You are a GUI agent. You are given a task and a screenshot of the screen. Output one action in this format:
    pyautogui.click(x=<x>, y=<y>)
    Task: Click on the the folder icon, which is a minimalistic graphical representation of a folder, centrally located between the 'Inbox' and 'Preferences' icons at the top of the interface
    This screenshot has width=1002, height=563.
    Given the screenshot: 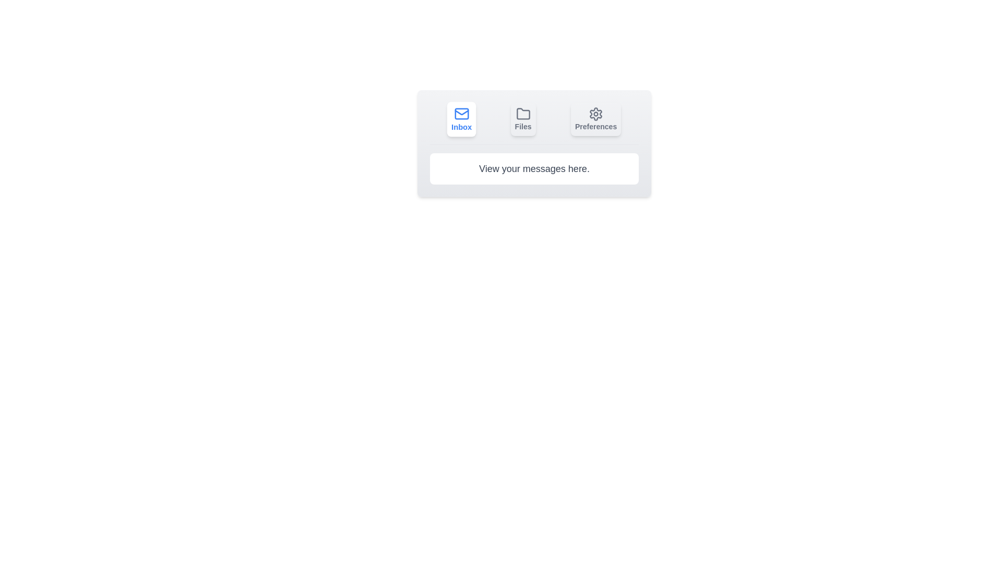 What is the action you would take?
    pyautogui.click(x=523, y=114)
    